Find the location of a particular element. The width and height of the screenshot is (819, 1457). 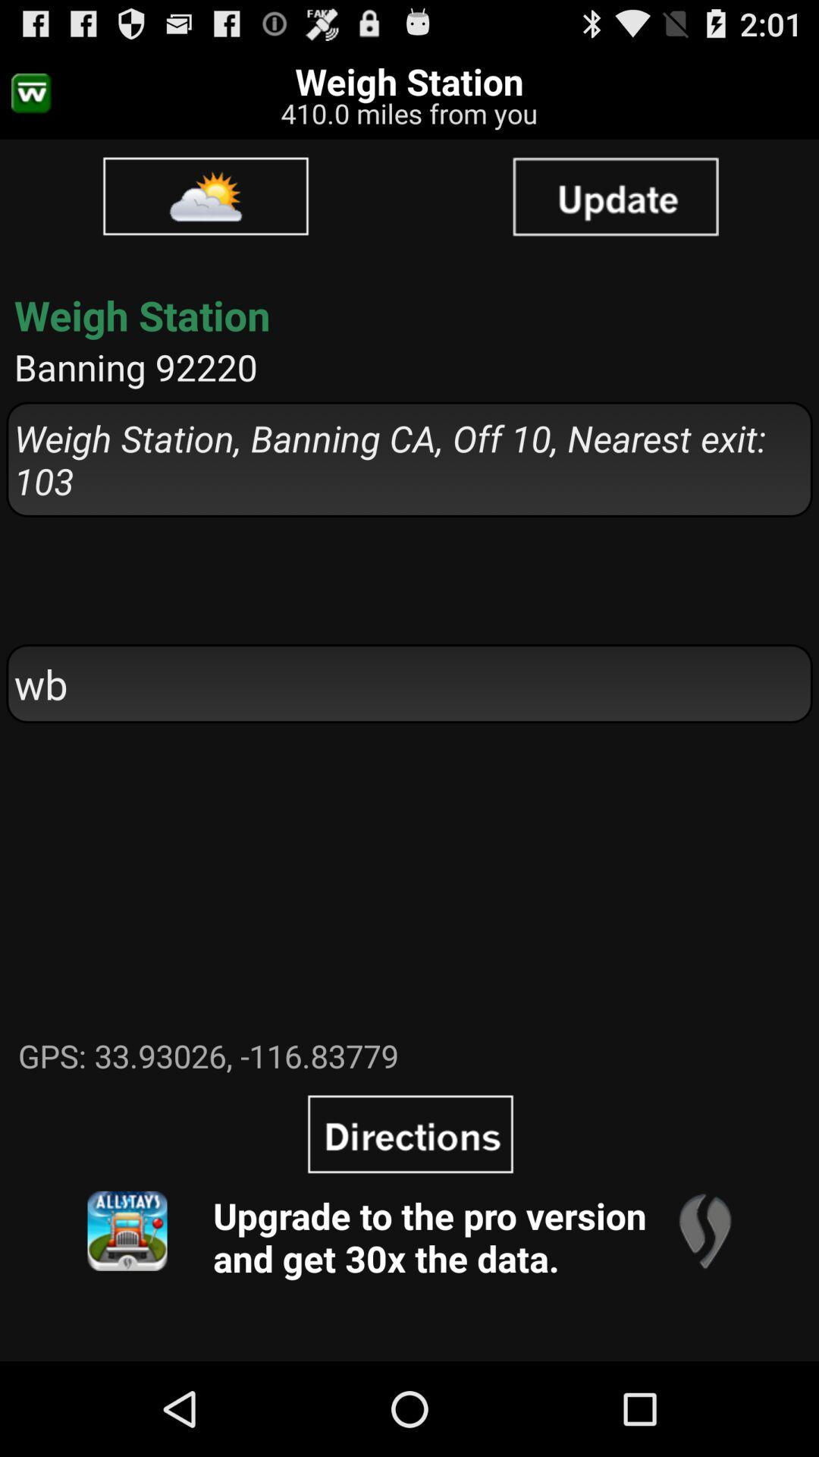

item above weigh station icon is located at coordinates (206, 195).